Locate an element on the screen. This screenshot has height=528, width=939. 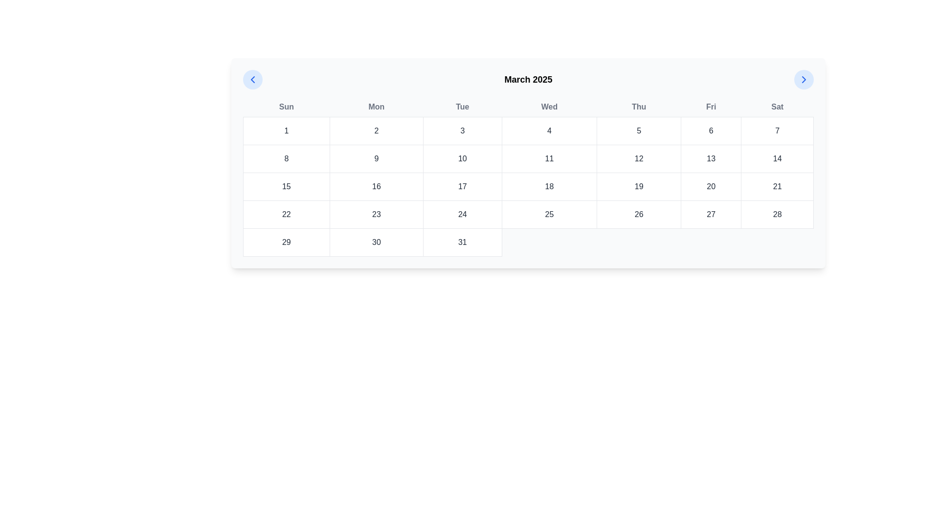
the second row of the calendar grid, which represents the week with dates '1' to '7' is located at coordinates (528, 158).